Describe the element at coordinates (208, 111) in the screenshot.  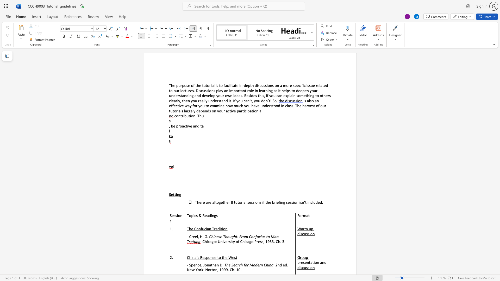
I see `the 2th character "d" in the text` at that location.